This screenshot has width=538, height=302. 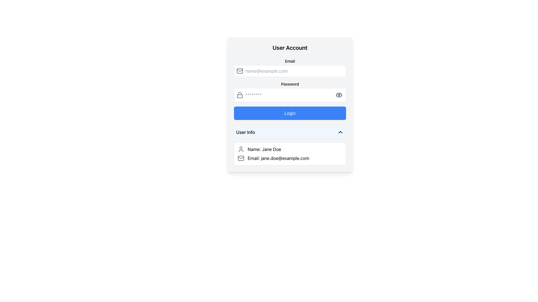 What do you see at coordinates (290, 105) in the screenshot?
I see `the 'Login' button, which has a blue background and white text, to change its style` at bounding box center [290, 105].